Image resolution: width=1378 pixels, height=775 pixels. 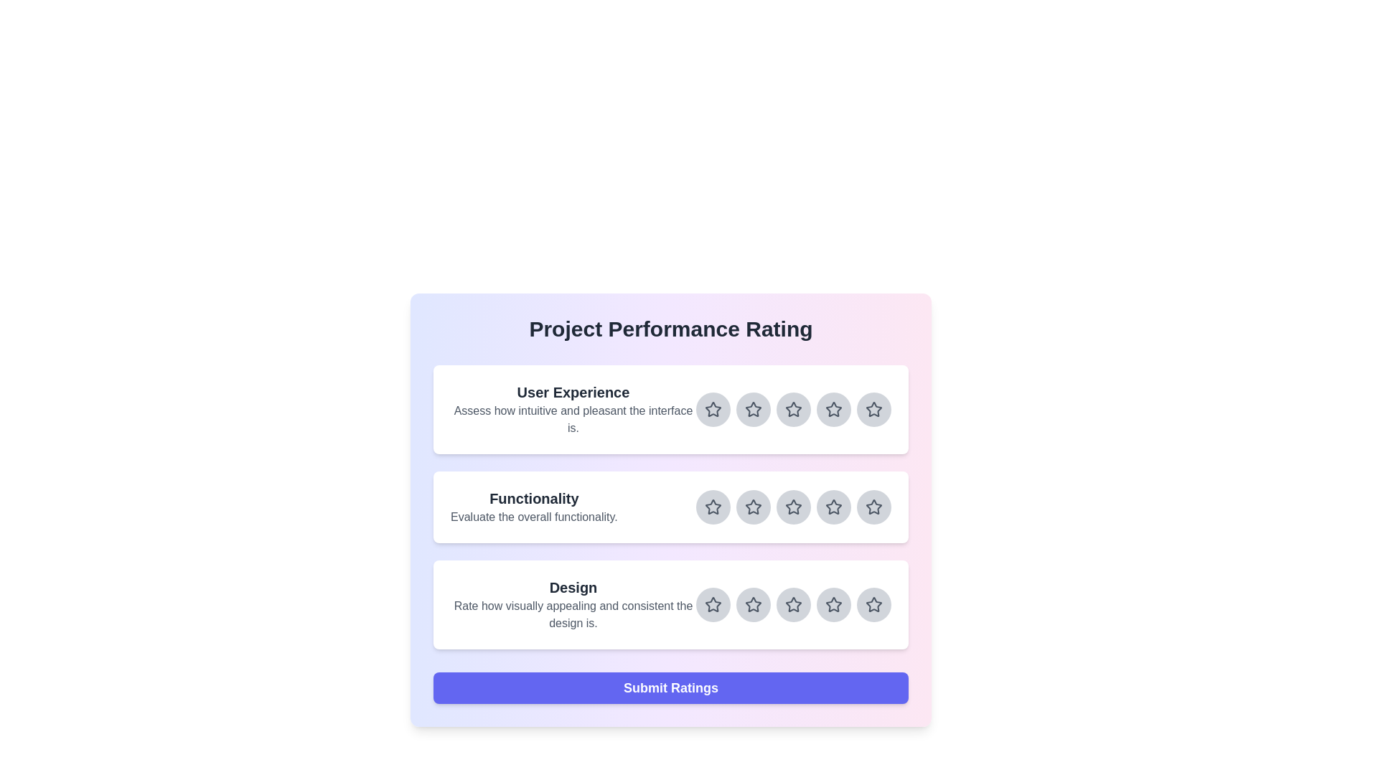 I want to click on the 'Submit Ratings' button to submit the ratings, so click(x=670, y=687).